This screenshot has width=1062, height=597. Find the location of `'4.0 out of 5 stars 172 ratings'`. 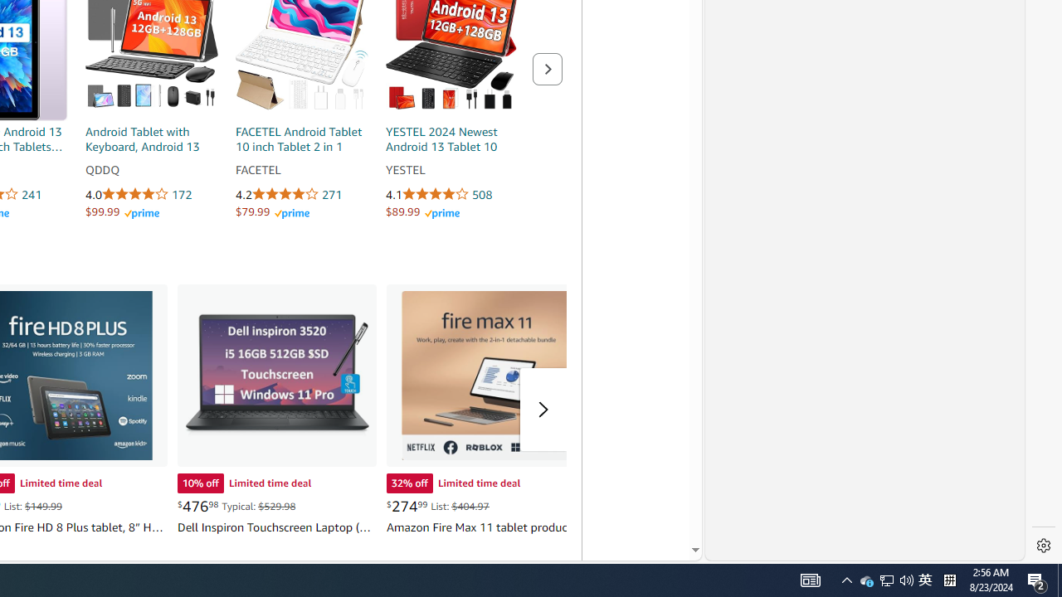

'4.0 out of 5 stars 172 ratings' is located at coordinates (151, 194).